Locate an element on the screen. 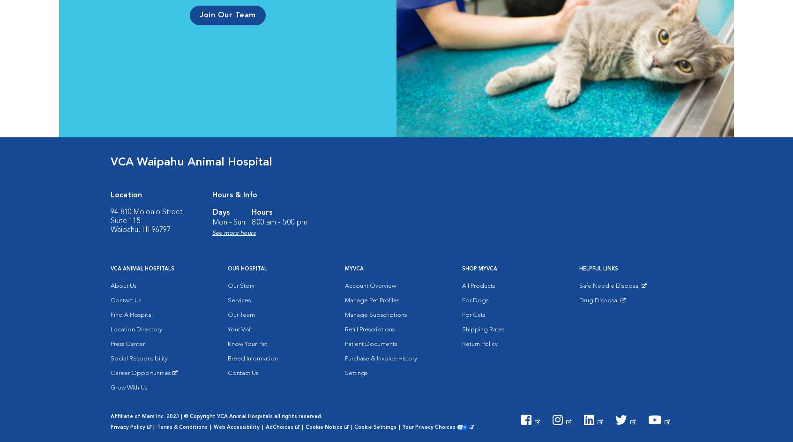 This screenshot has width=793, height=442. 'Know Your Pet' is located at coordinates (247, 344).